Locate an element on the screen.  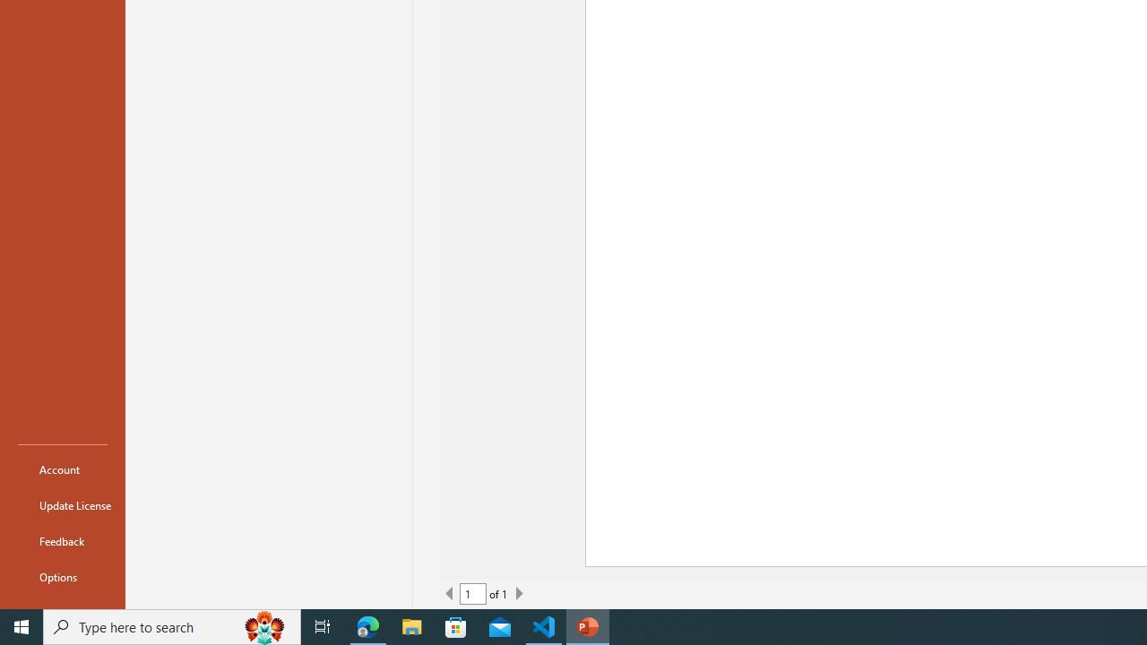
'Next Page' is located at coordinates (518, 594).